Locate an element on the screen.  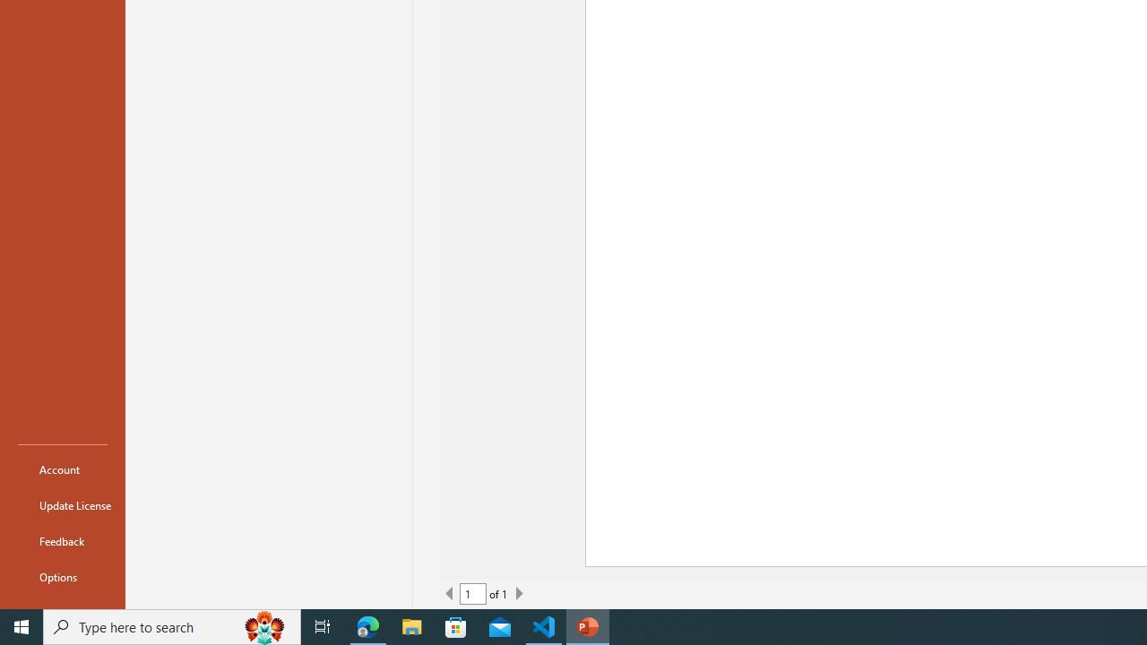
'Next Page' is located at coordinates (518, 594).